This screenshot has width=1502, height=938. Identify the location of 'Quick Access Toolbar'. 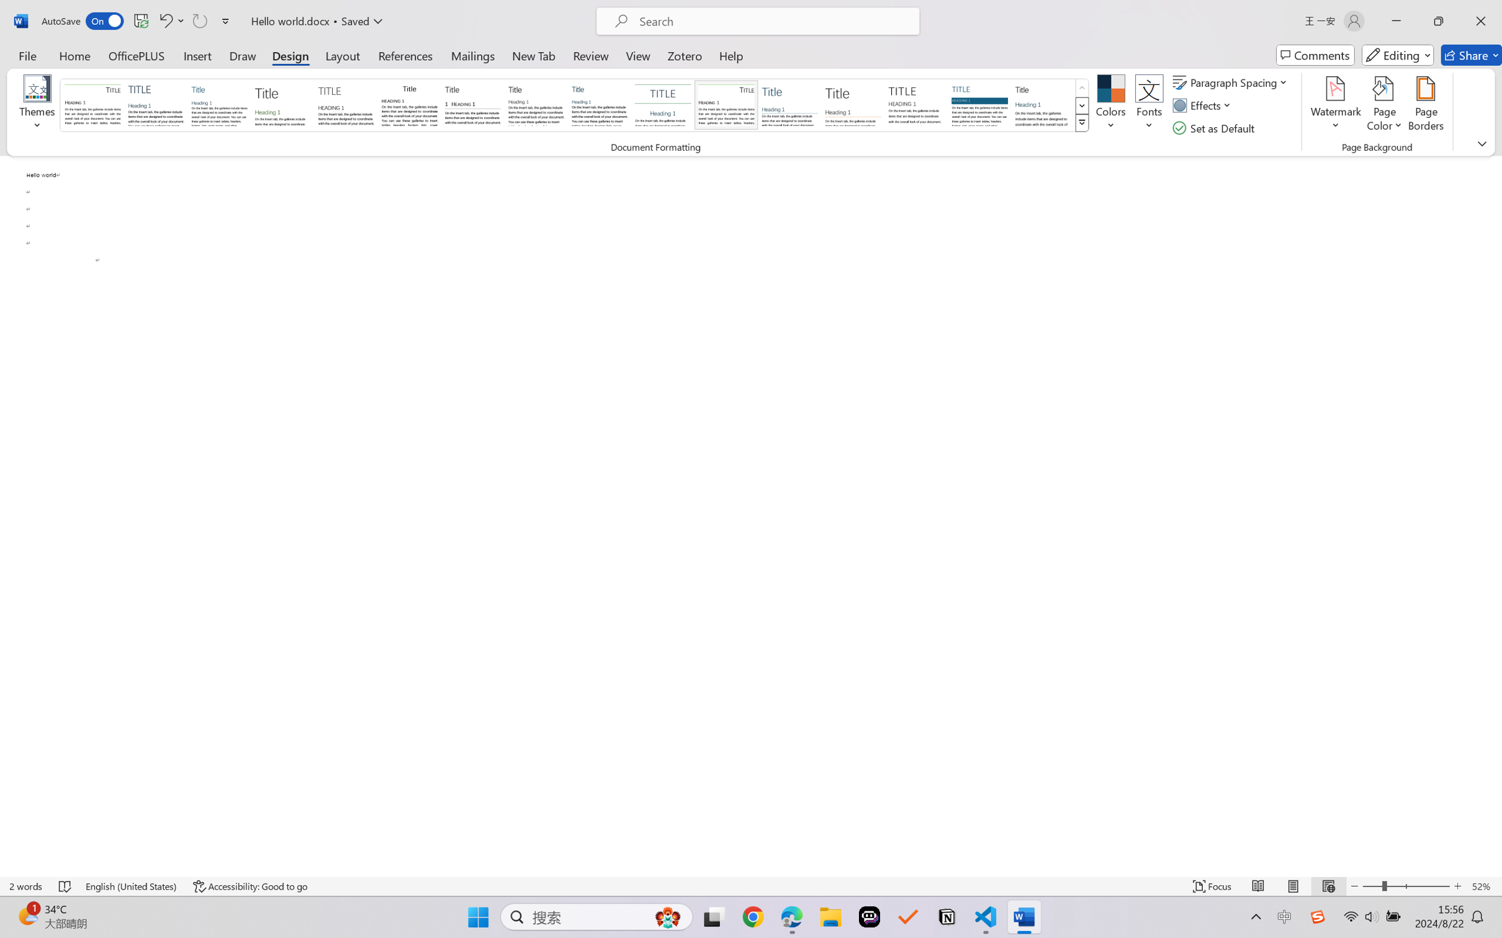
(138, 20).